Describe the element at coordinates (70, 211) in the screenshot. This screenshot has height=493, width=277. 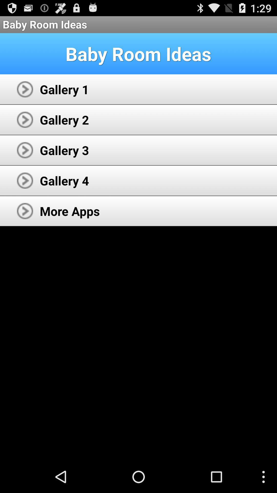
I see `app below gallery 4 item` at that location.